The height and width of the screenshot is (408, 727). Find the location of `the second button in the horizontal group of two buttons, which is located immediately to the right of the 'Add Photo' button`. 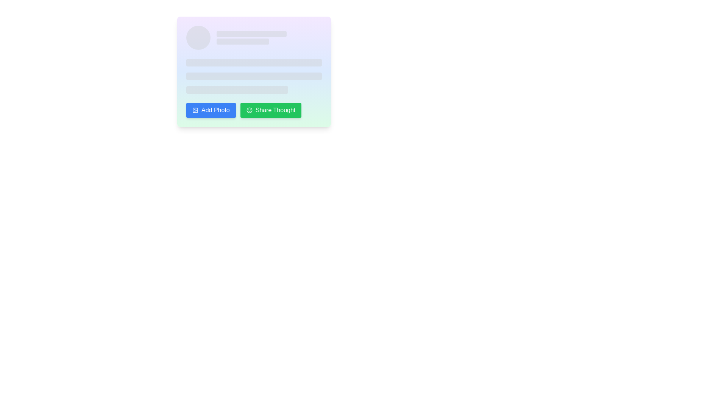

the second button in the horizontal group of two buttons, which is located immediately to the right of the 'Add Photo' button is located at coordinates (271, 110).